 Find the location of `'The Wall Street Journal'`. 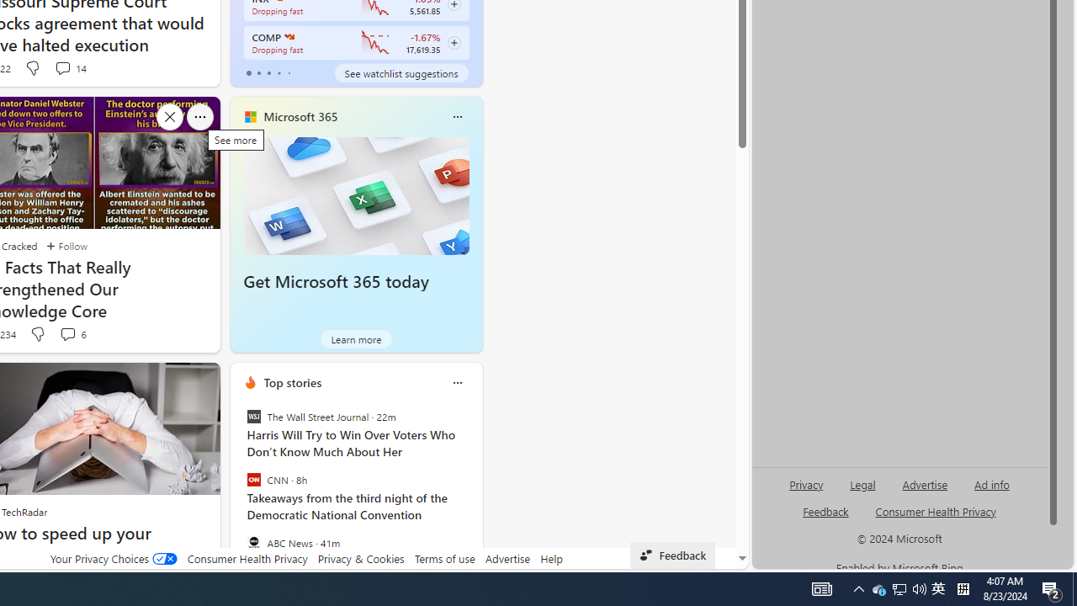

'The Wall Street Journal' is located at coordinates (252, 417).